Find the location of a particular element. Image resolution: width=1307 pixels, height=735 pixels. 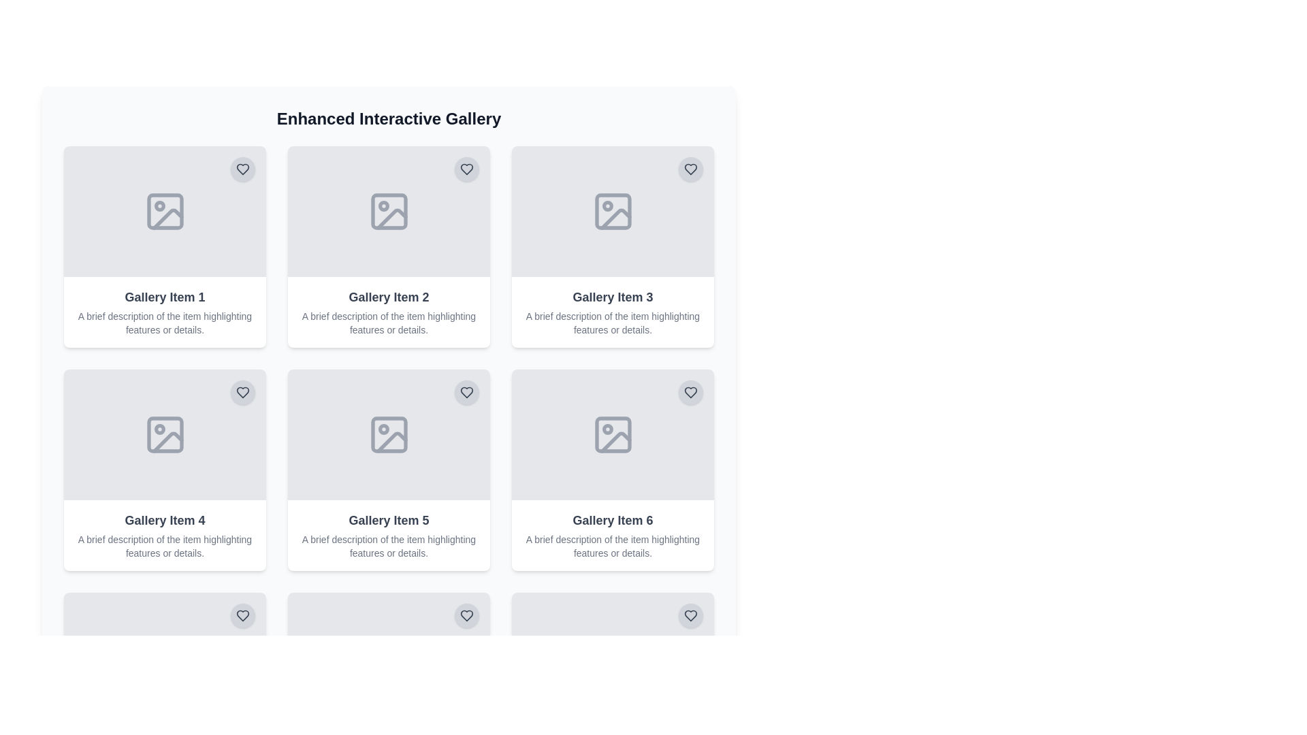

the icon in the center of the gray placeholder box for 'Gallery Item 5' located in the second row and second column of the gallery grid is located at coordinates (388, 435).